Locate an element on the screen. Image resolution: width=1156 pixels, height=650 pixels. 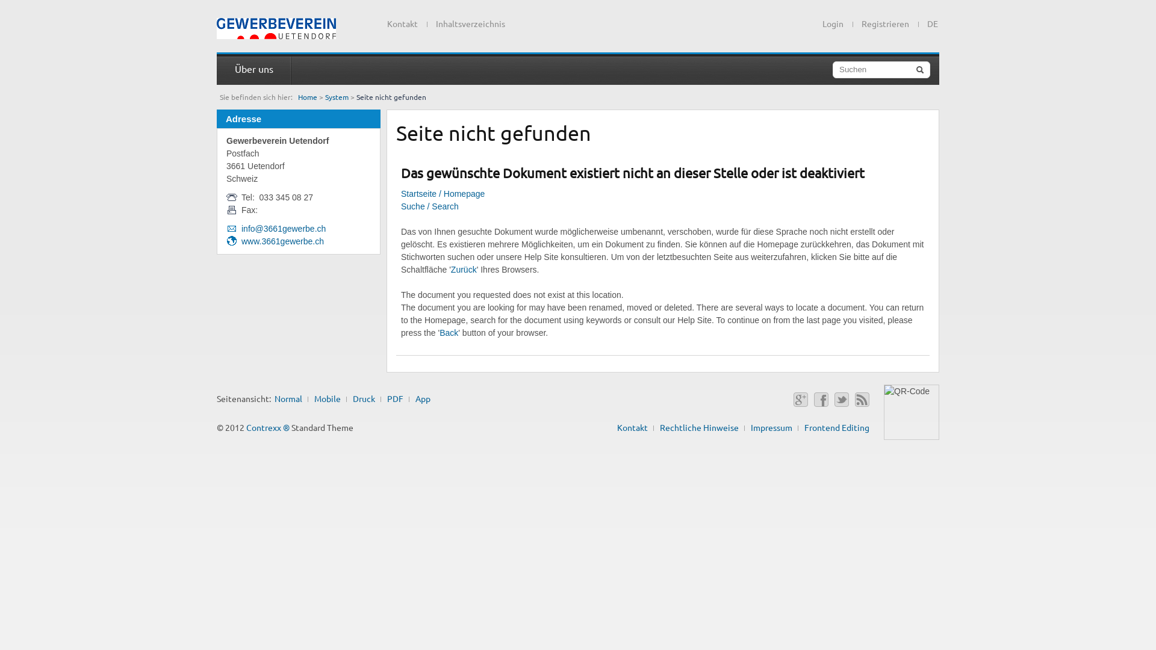
'DE' is located at coordinates (928, 22).